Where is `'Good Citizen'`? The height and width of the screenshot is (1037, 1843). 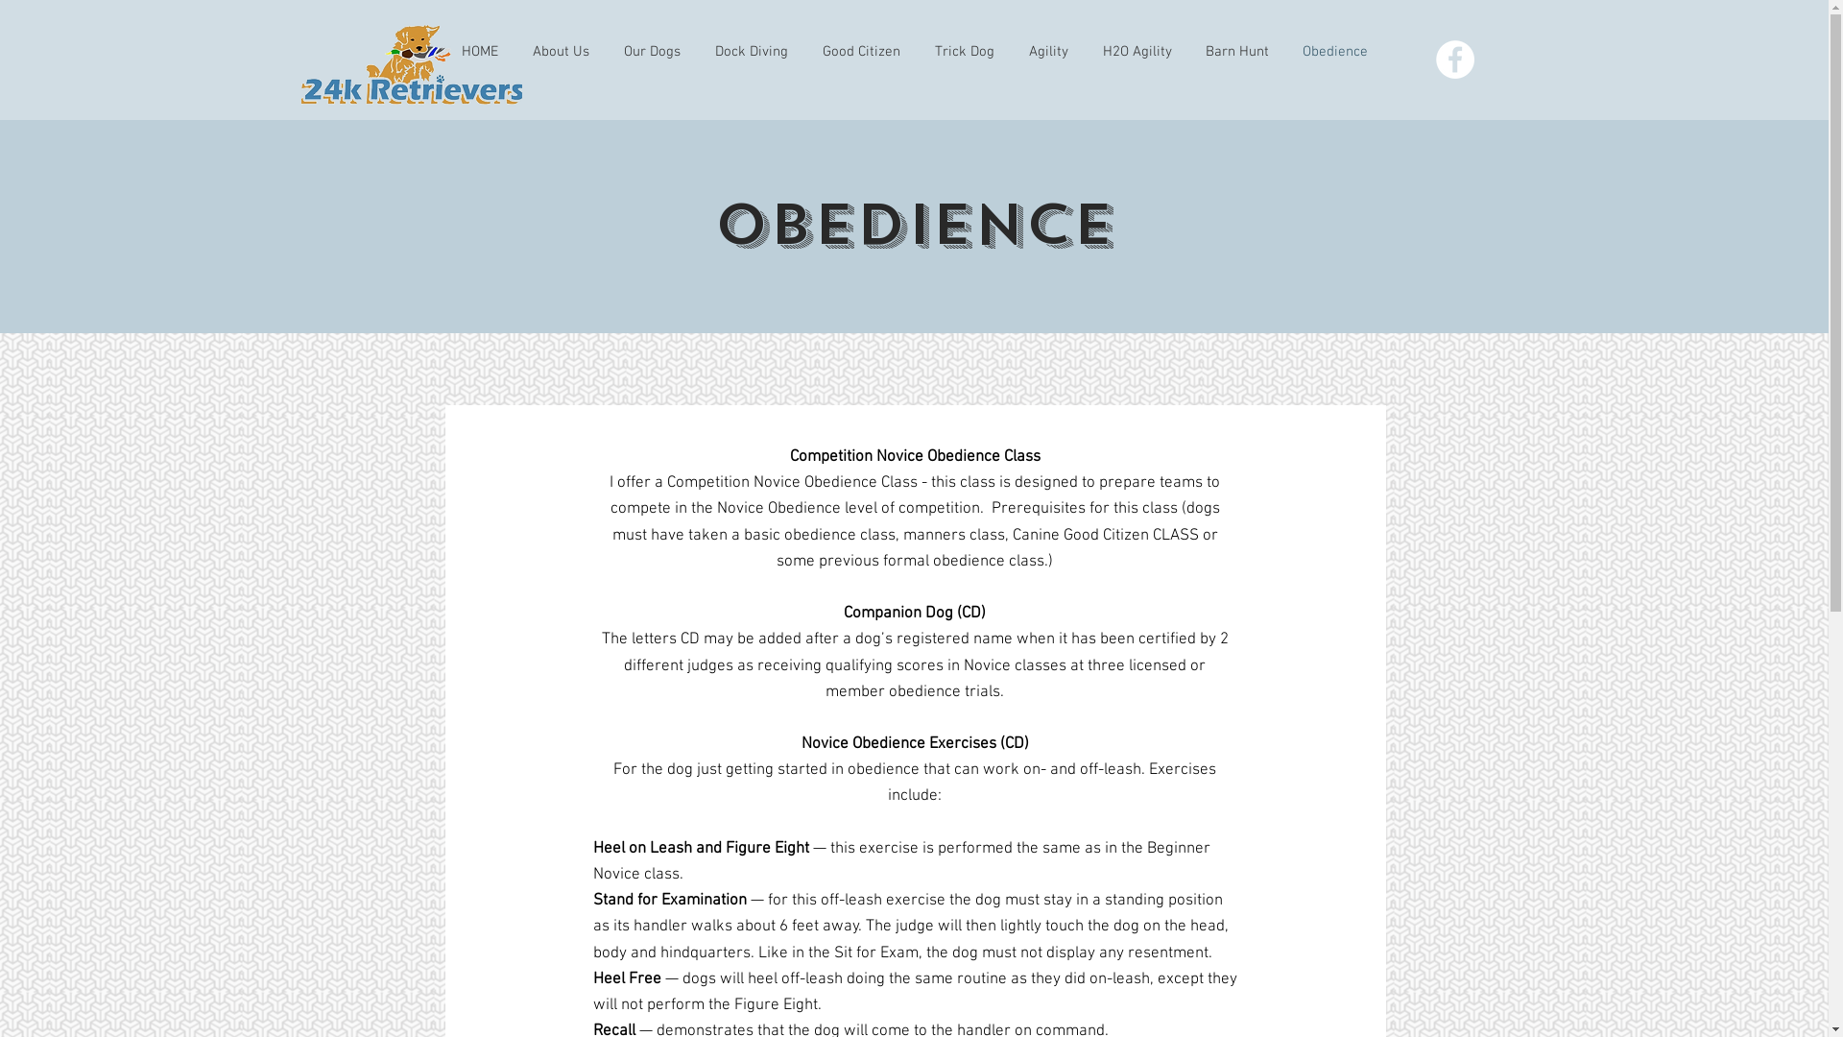 'Good Citizen' is located at coordinates (859, 51).